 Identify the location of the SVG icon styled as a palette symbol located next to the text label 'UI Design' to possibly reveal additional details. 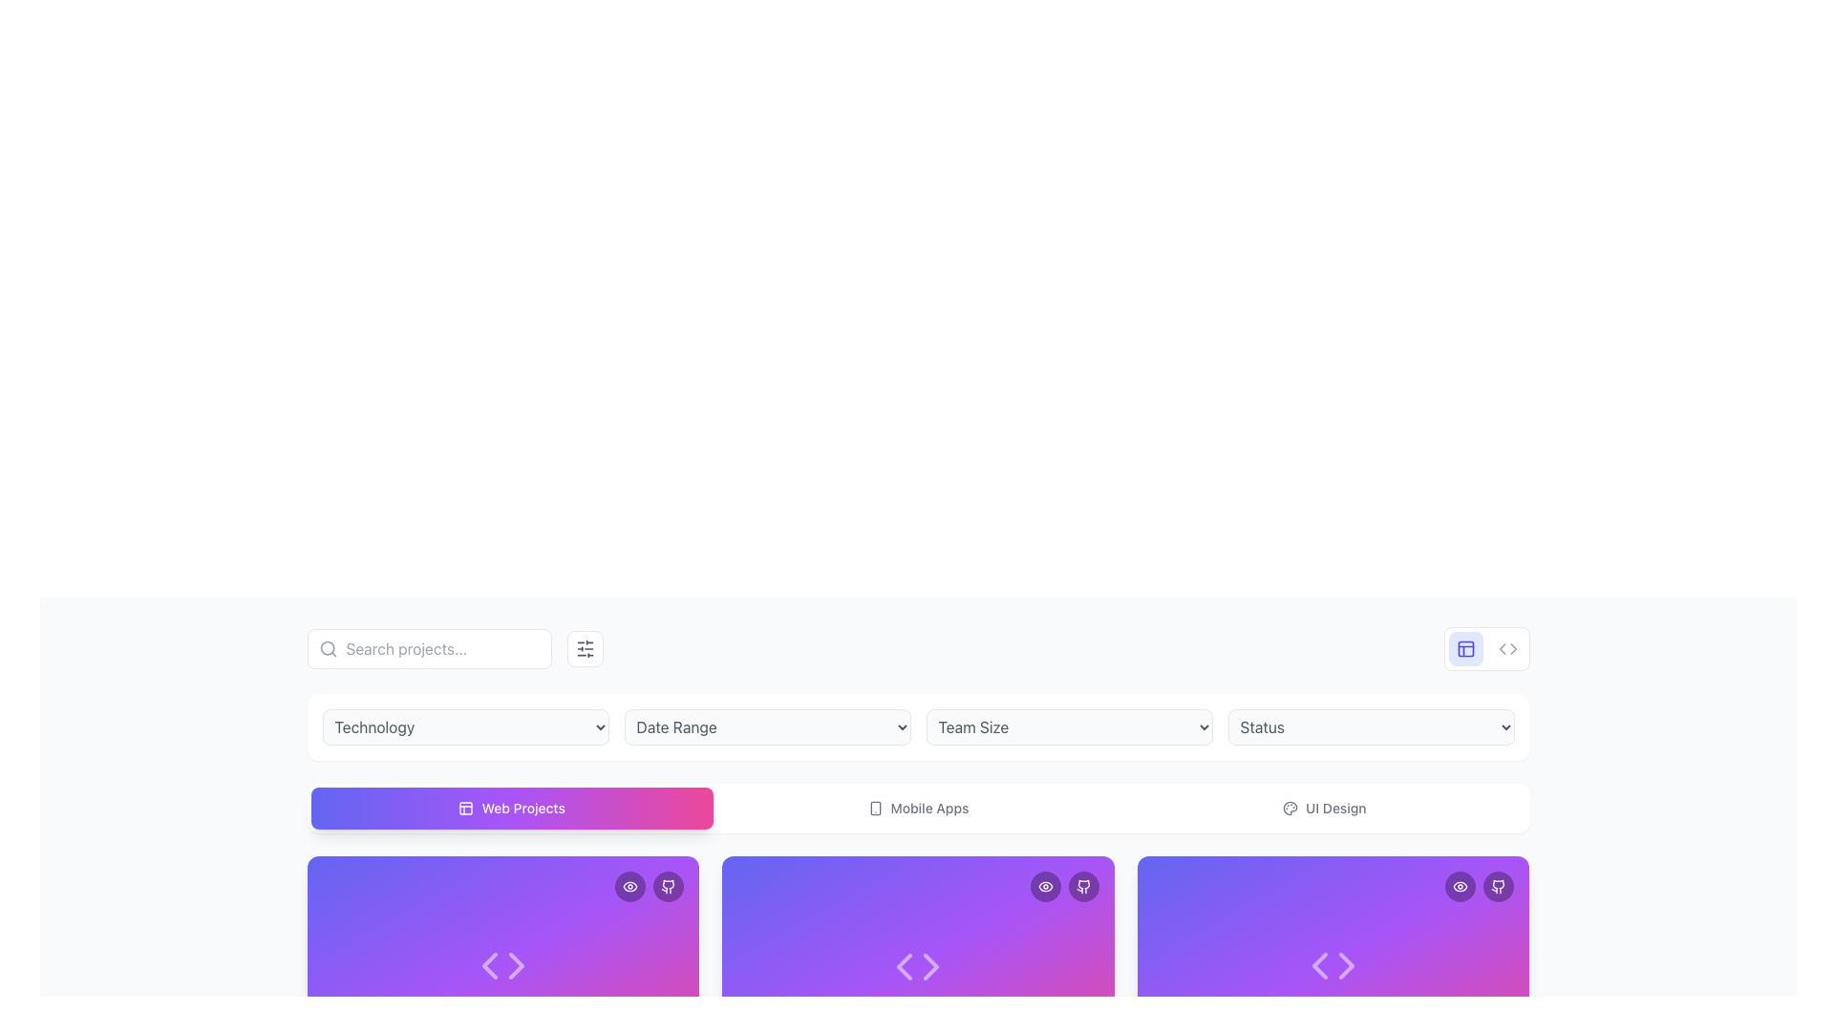
(1290, 809).